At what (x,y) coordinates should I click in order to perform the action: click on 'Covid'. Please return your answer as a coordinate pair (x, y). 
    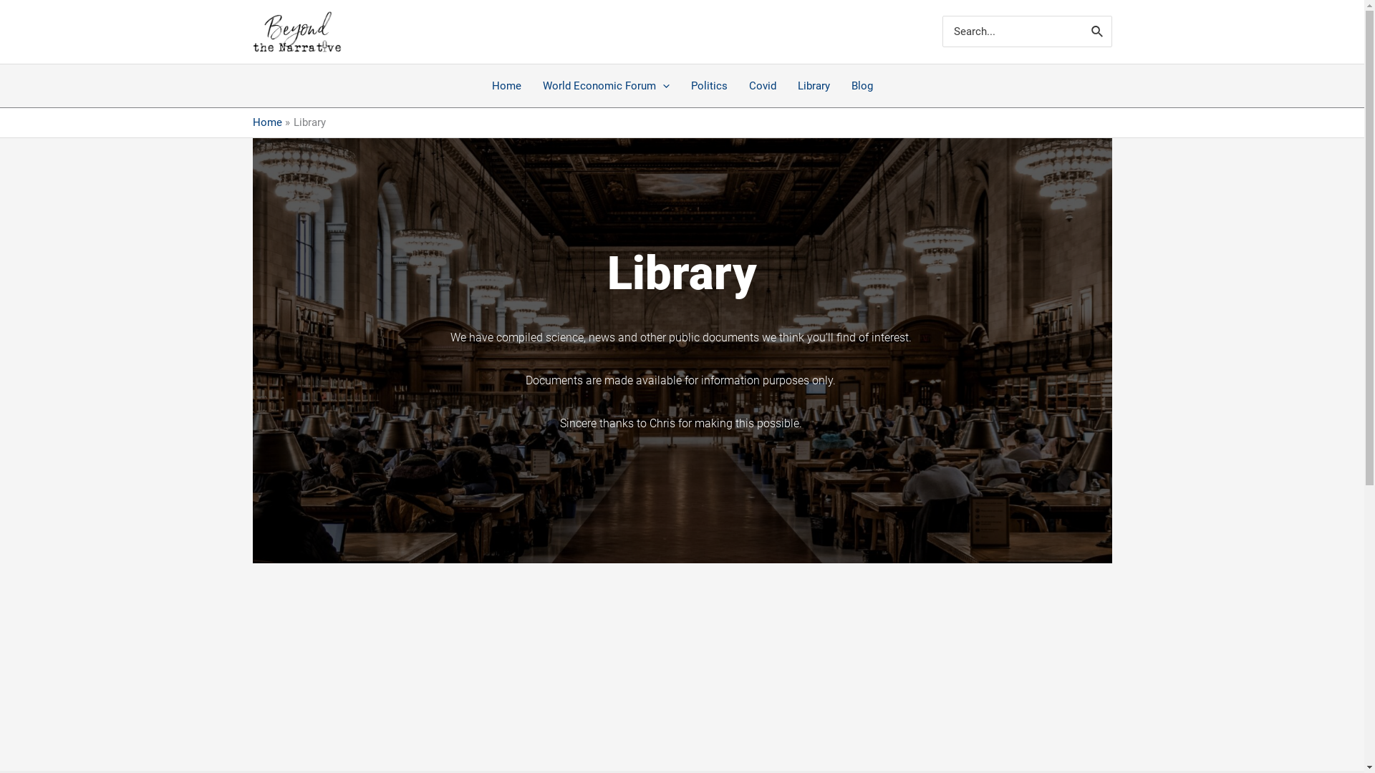
    Looking at the image, I should click on (761, 85).